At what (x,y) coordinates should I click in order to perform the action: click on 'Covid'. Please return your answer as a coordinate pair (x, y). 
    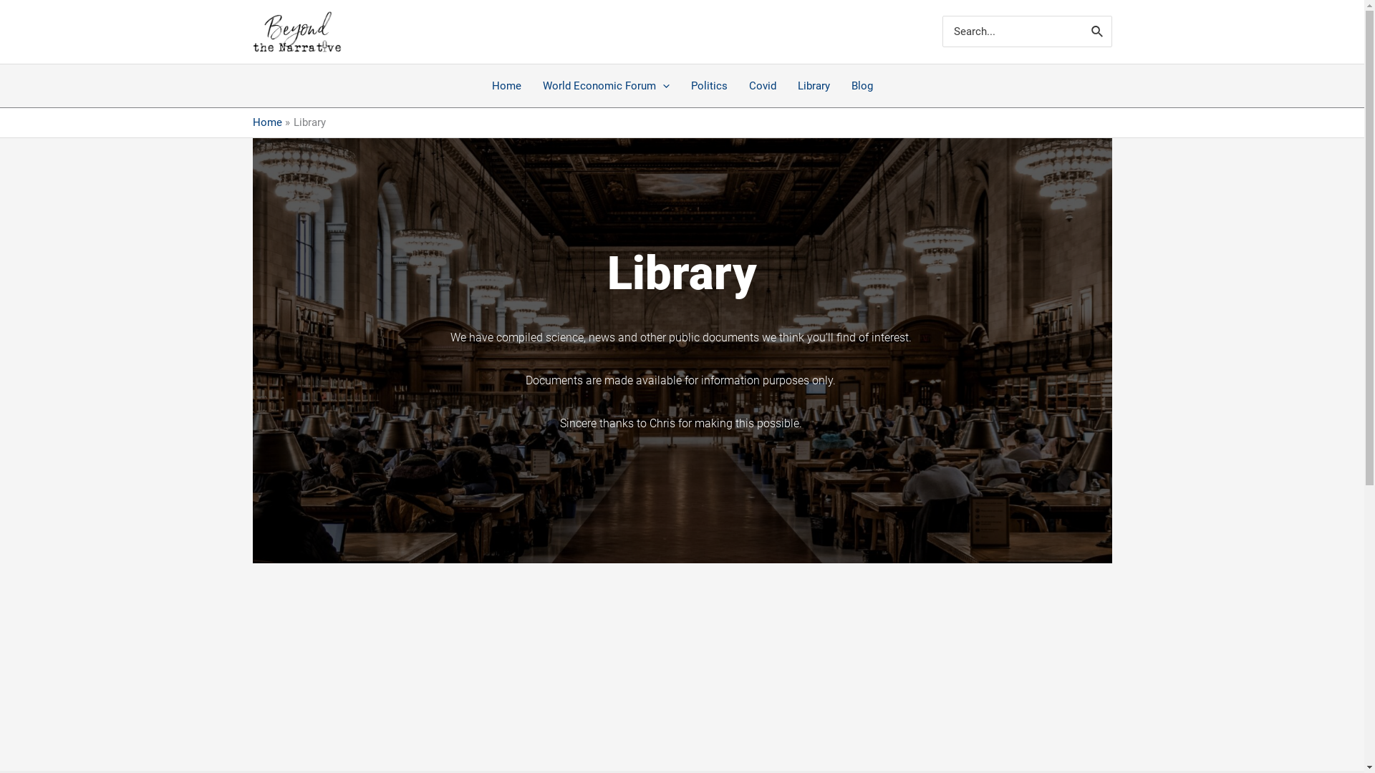
    Looking at the image, I should click on (761, 85).